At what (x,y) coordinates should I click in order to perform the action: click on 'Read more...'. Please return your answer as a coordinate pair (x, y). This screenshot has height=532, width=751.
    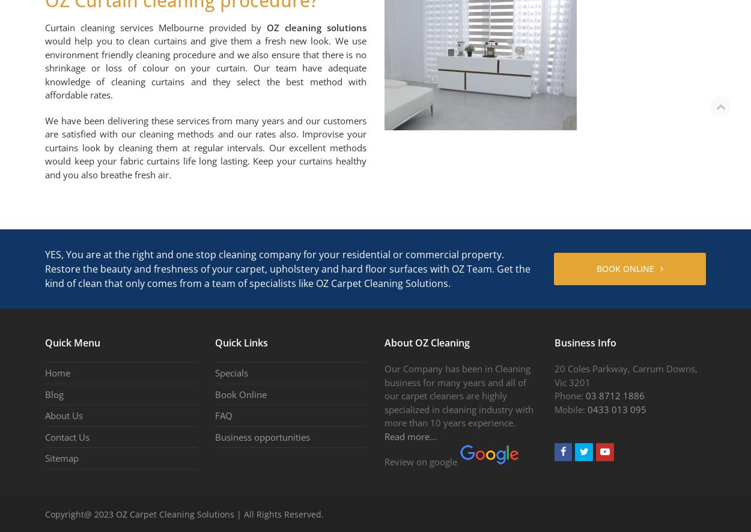
    Looking at the image, I should click on (410, 435).